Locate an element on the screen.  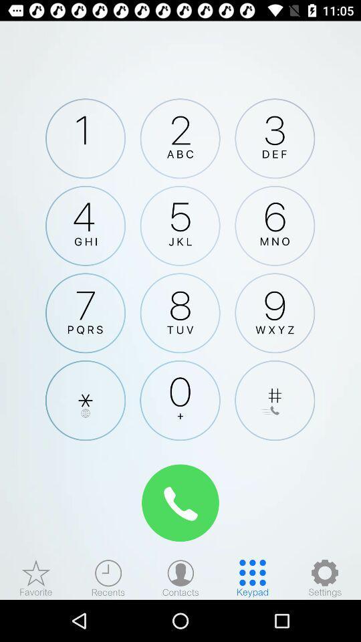
call is located at coordinates (180, 502).